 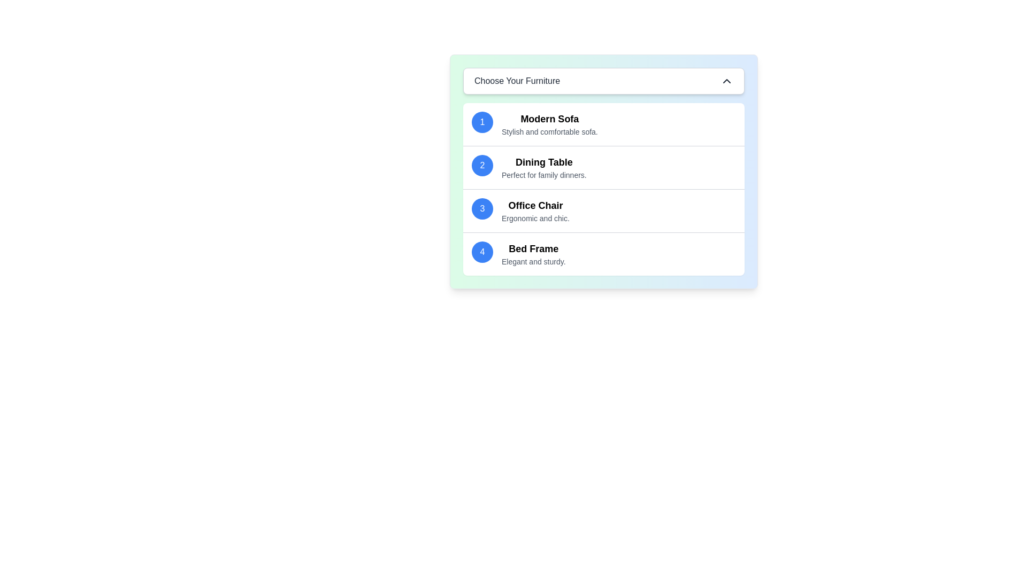 I want to click on the second list item with the bold title 'Dining Table' to trigger the hover effect, so click(x=603, y=167).